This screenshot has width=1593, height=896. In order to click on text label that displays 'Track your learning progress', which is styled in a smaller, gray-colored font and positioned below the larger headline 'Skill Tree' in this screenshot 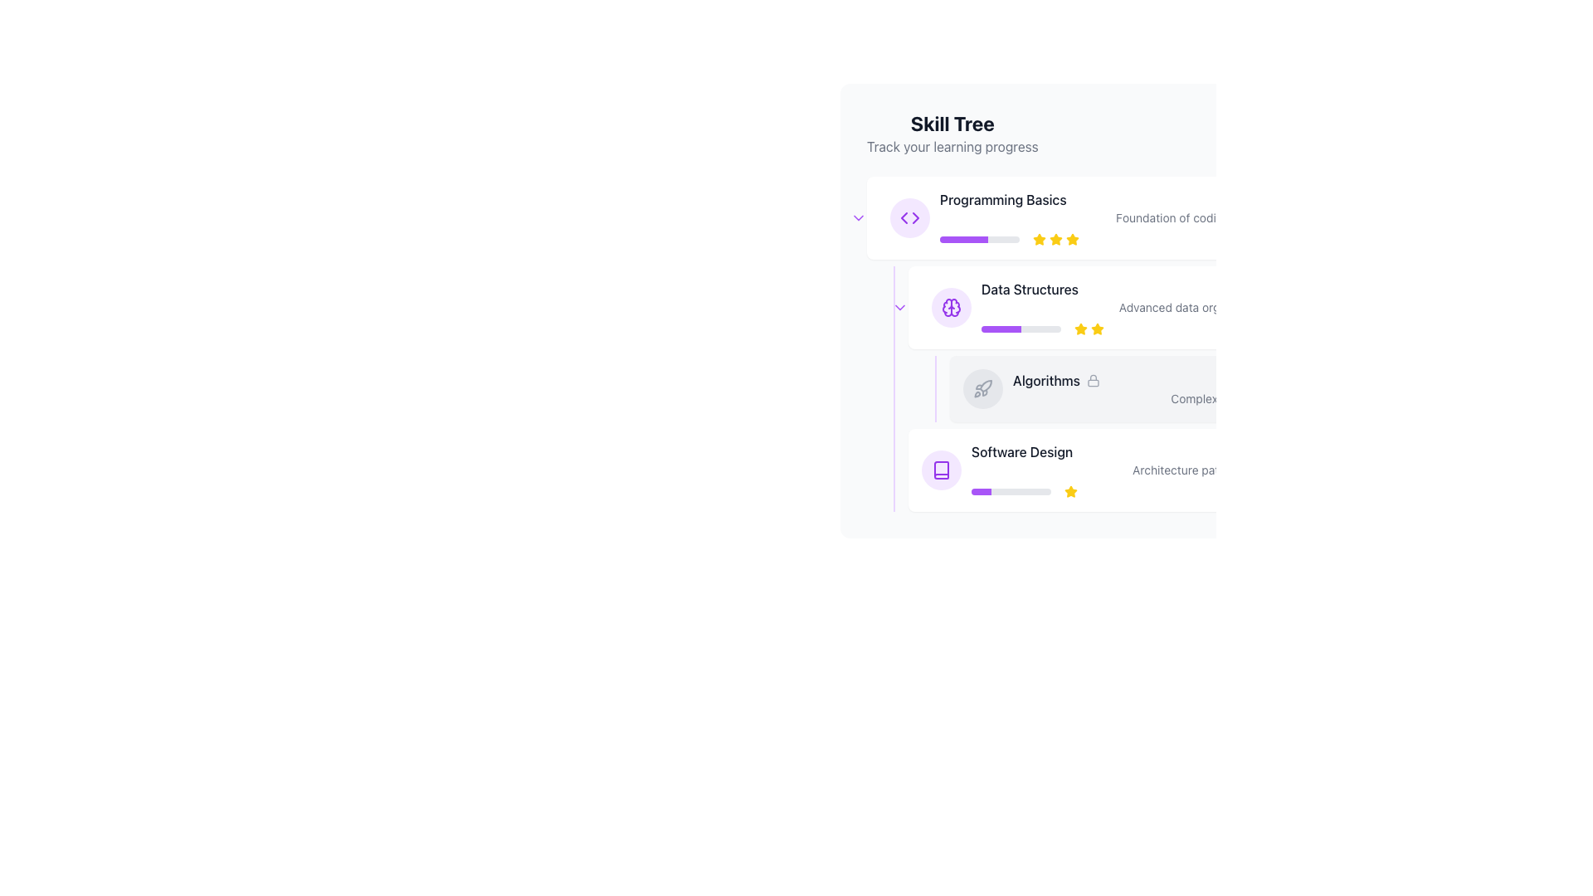, I will do `click(952, 146)`.